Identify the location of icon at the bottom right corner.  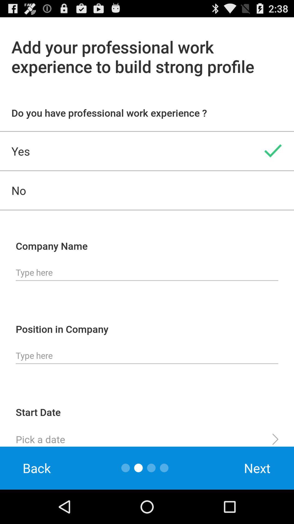
(257, 468).